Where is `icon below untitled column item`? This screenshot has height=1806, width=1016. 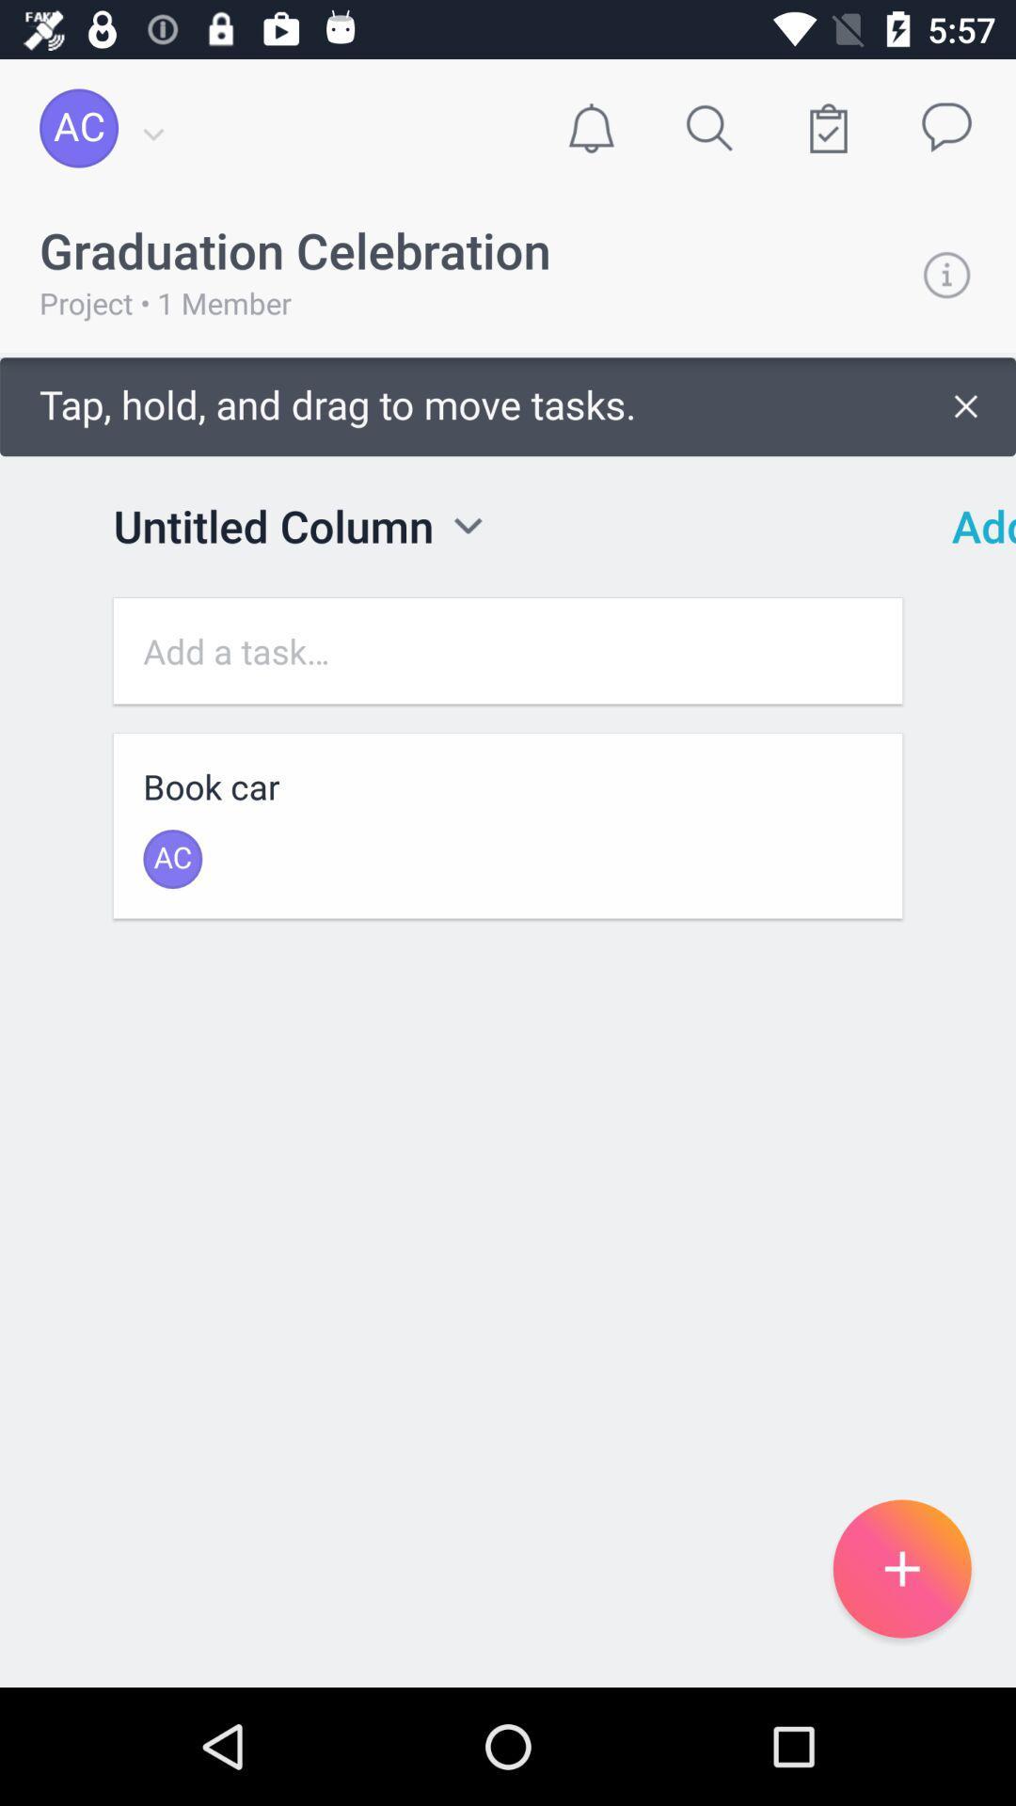 icon below untitled column item is located at coordinates (508, 651).